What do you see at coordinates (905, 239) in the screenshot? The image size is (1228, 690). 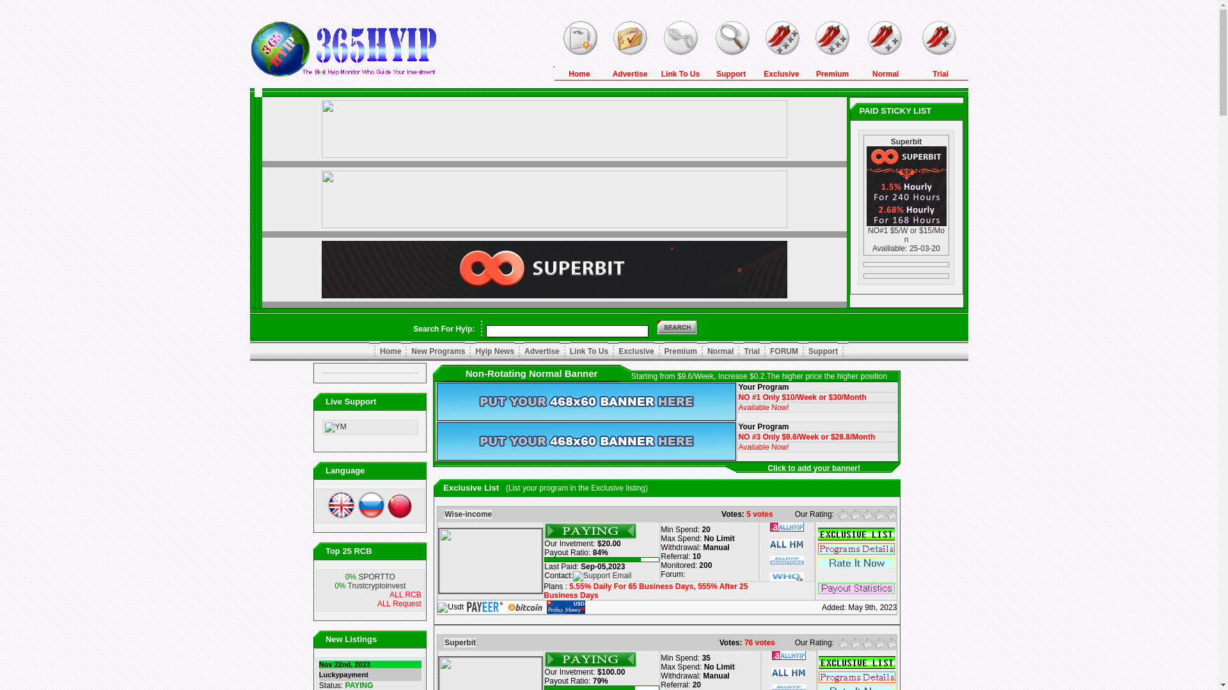 I see `'NO#1 $5/W or $15/Mon` at bounding box center [905, 239].